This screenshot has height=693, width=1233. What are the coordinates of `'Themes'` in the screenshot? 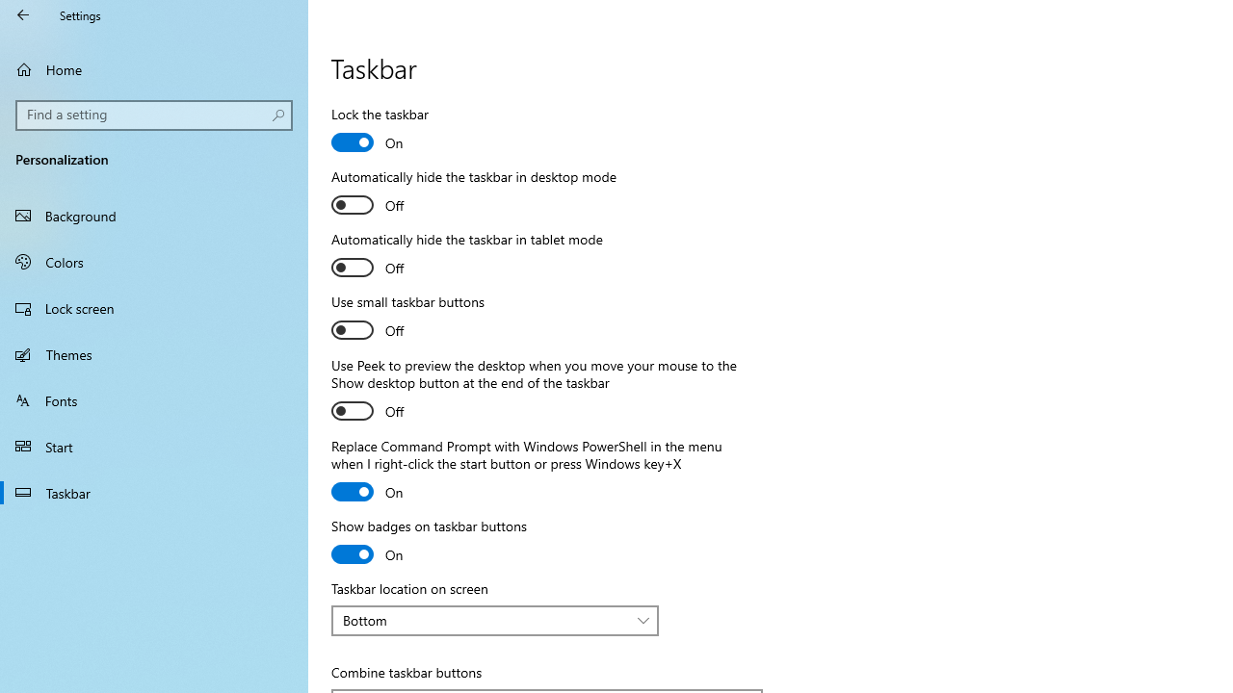 It's located at (154, 353).